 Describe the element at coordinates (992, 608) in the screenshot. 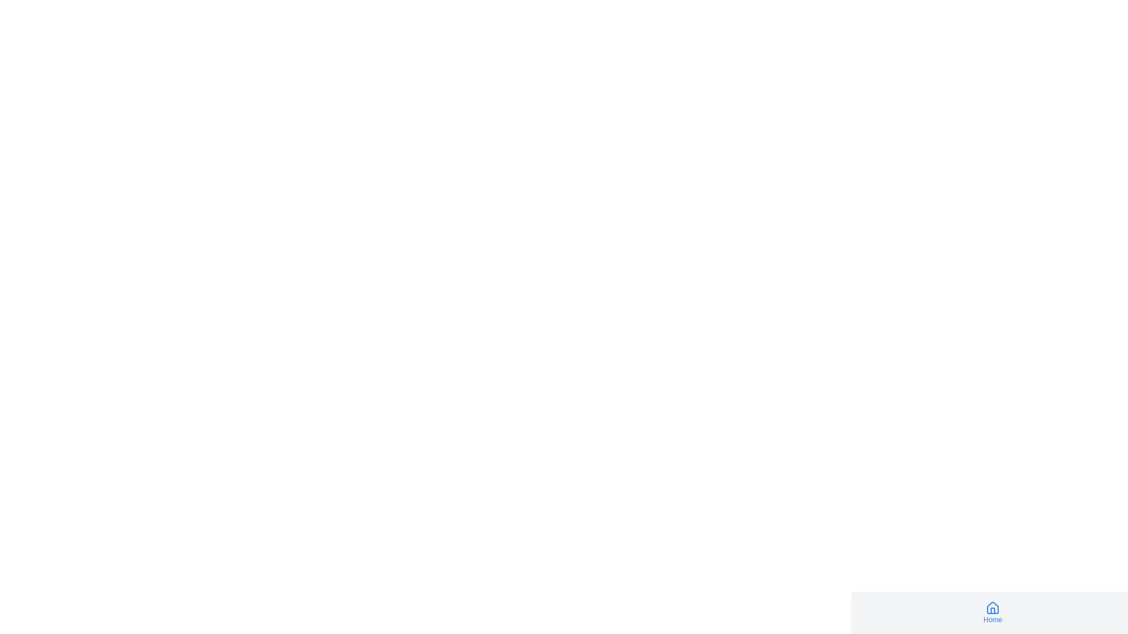

I see `the 'Home' icon located at the top-center of the interface, which serves as a navigation option to redirect users to the homepage` at that location.